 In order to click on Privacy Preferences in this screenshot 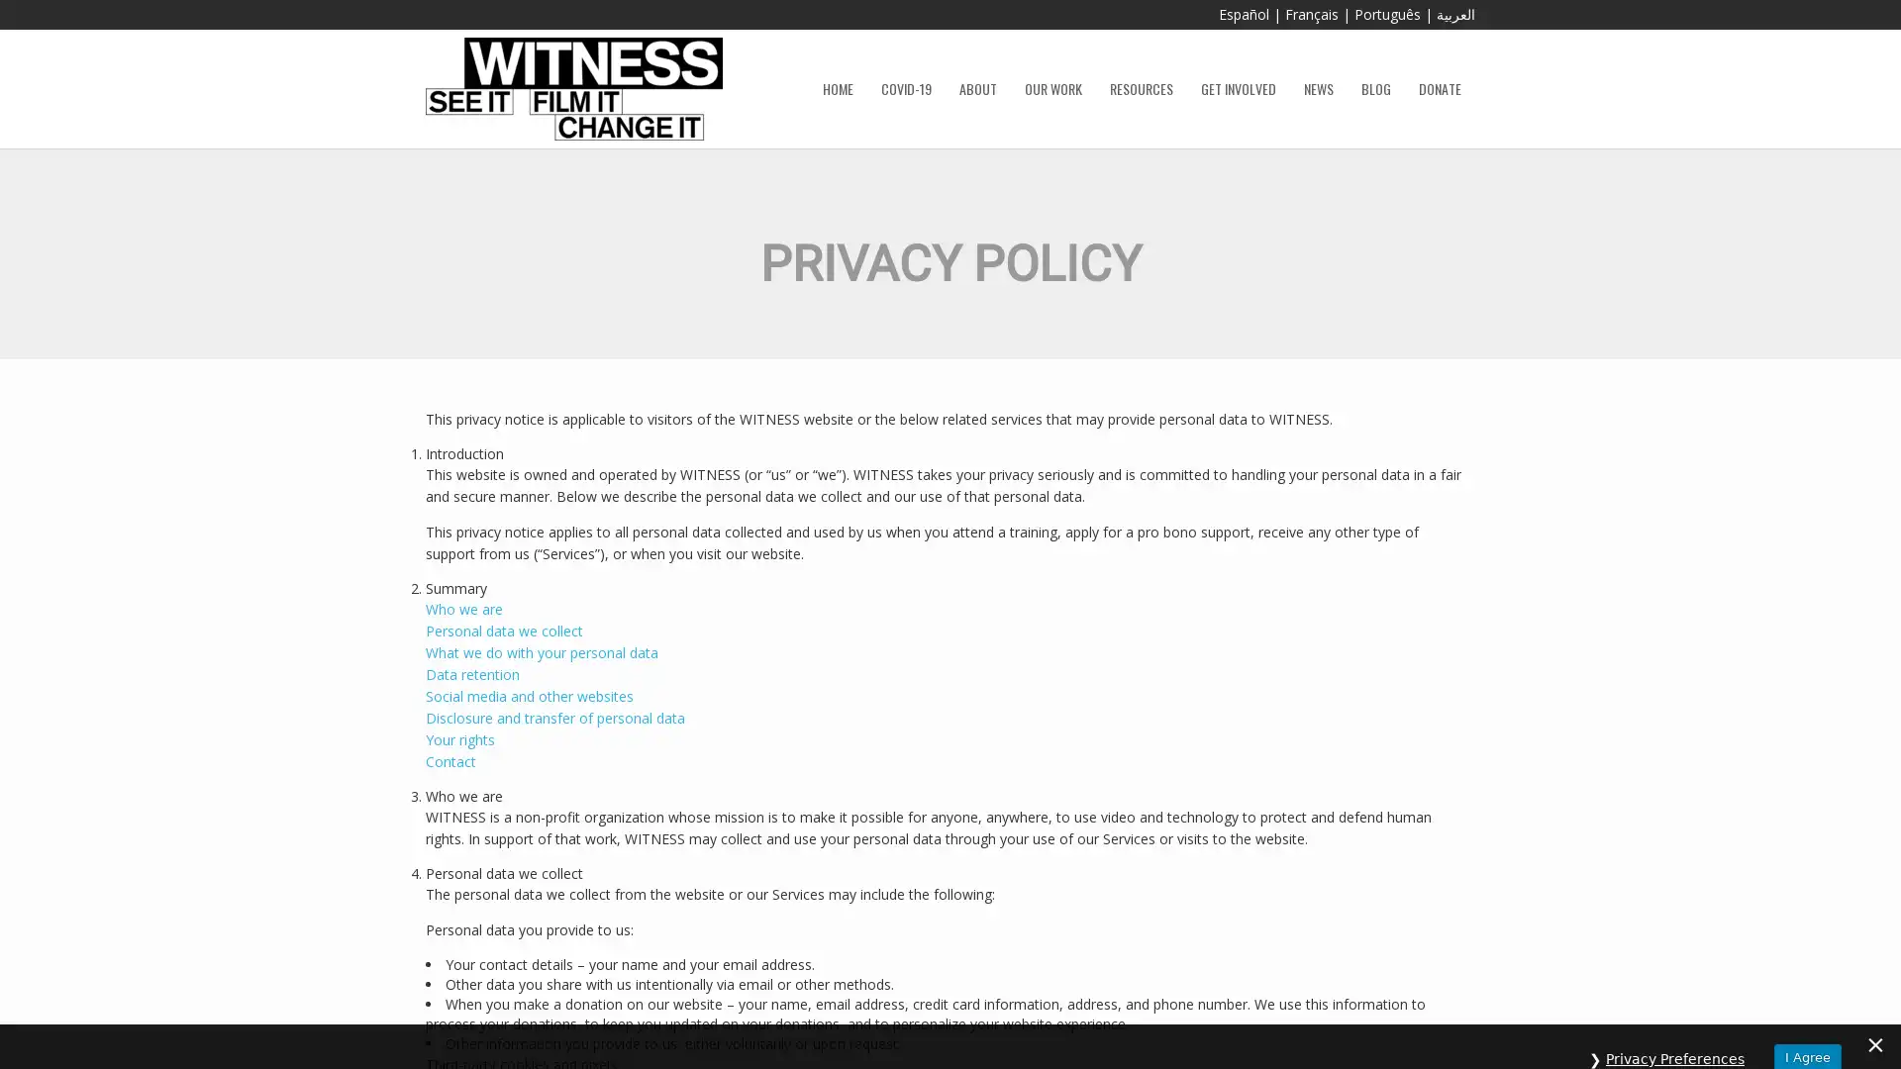, I will do `click(1674, 1032)`.